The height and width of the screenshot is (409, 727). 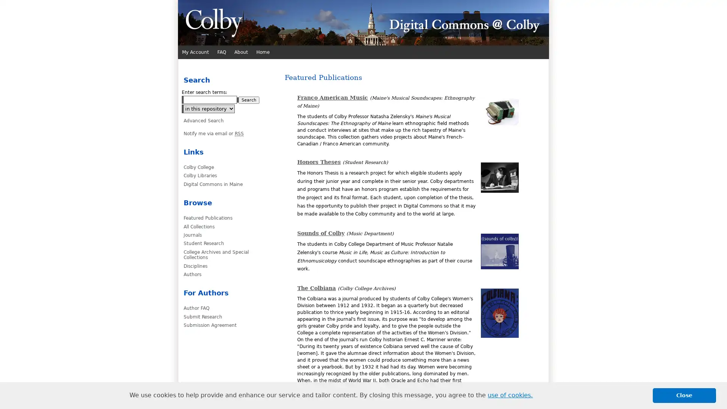 What do you see at coordinates (510, 395) in the screenshot?
I see `learn more about cookies` at bounding box center [510, 395].